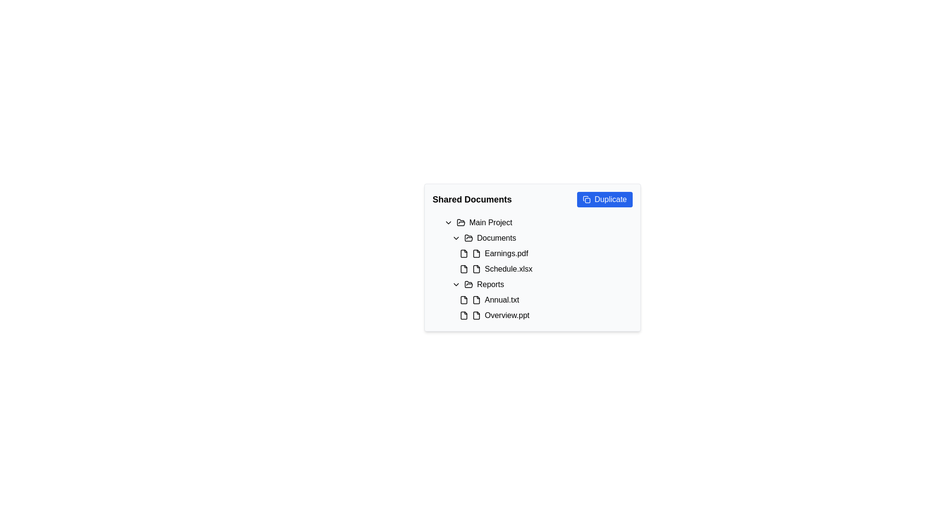 This screenshot has height=522, width=928. I want to click on the folder icon indicating the Documents folder's open status, located within the 'lucide-folder-open' group, so click(461, 222).